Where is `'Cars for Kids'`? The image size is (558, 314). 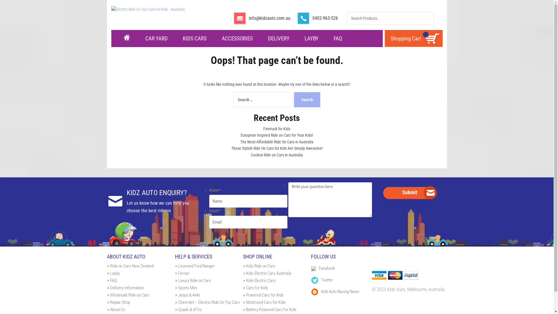 'Cars for Kids' is located at coordinates (256, 288).